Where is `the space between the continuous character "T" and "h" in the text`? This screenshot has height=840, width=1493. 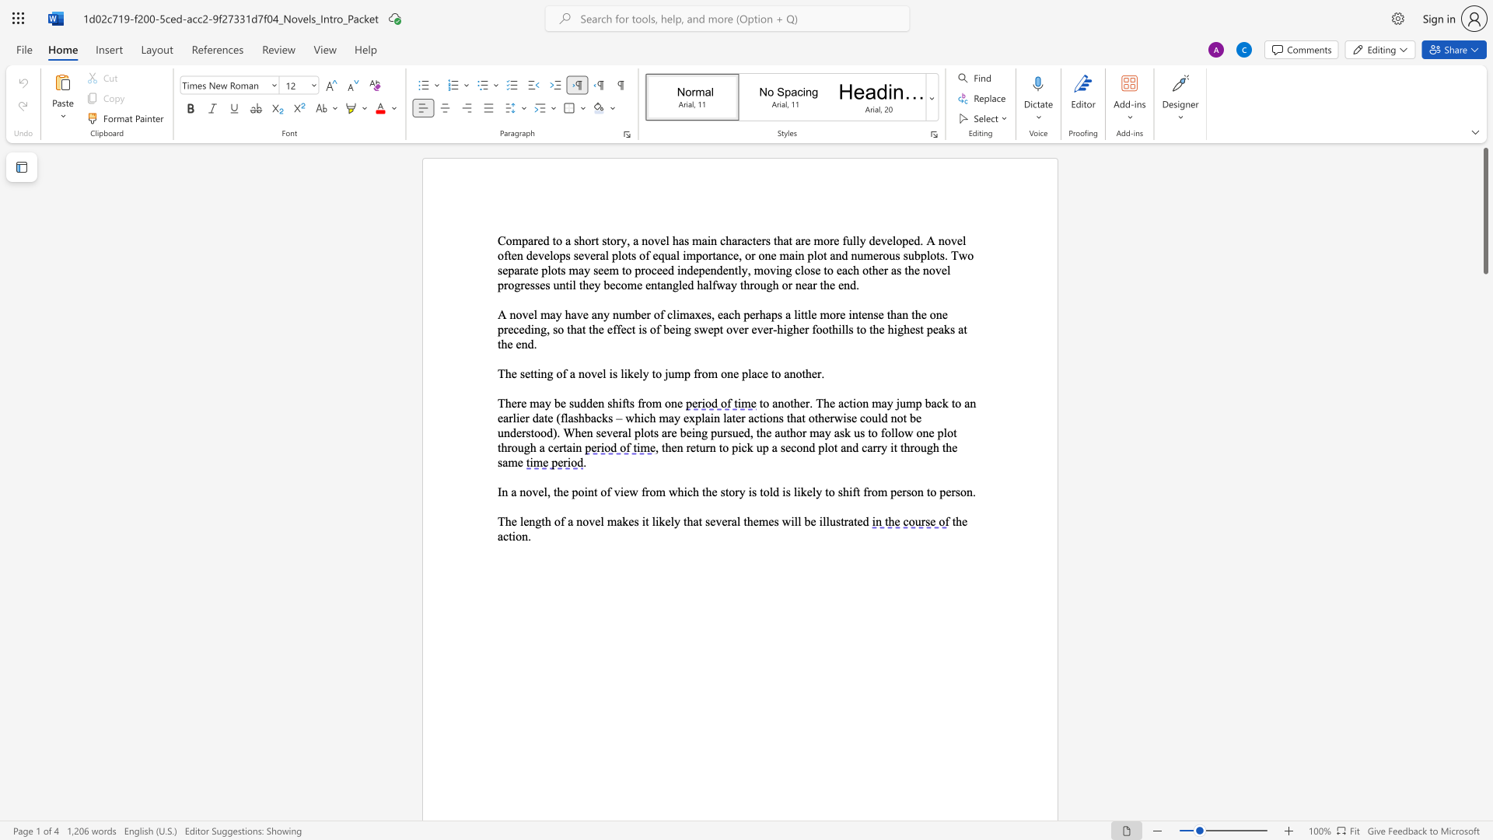 the space between the continuous character "T" and "h" in the text is located at coordinates (505, 402).